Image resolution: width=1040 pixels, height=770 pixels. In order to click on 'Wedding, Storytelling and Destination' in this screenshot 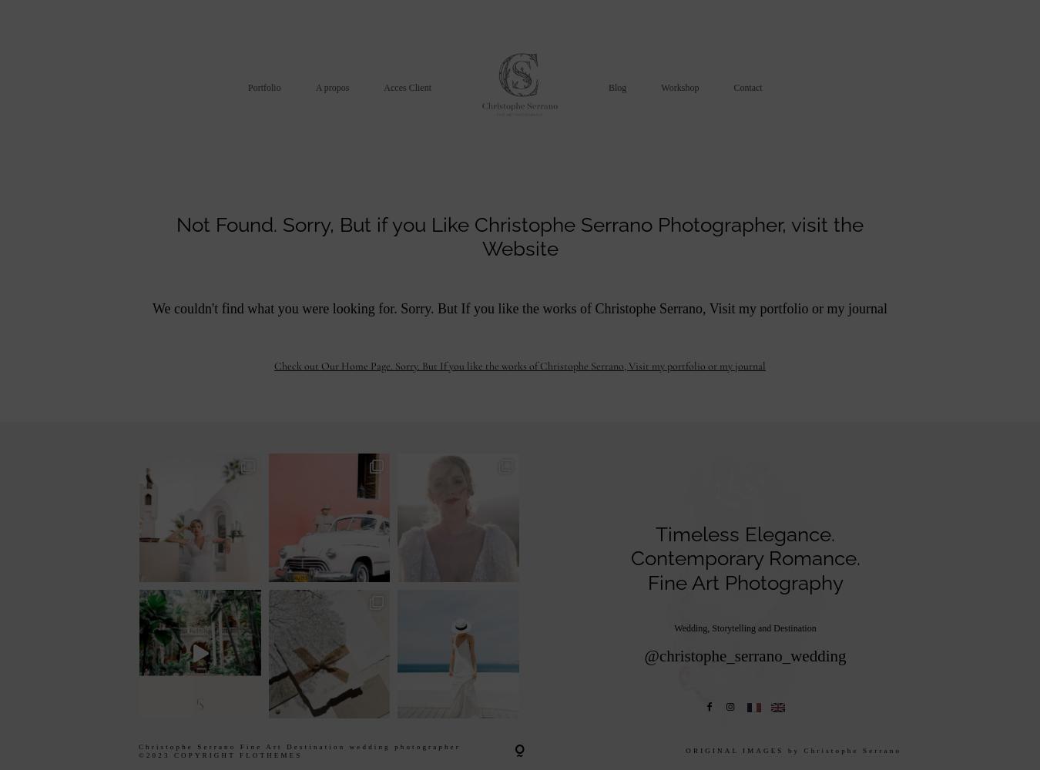, I will do `click(744, 627)`.